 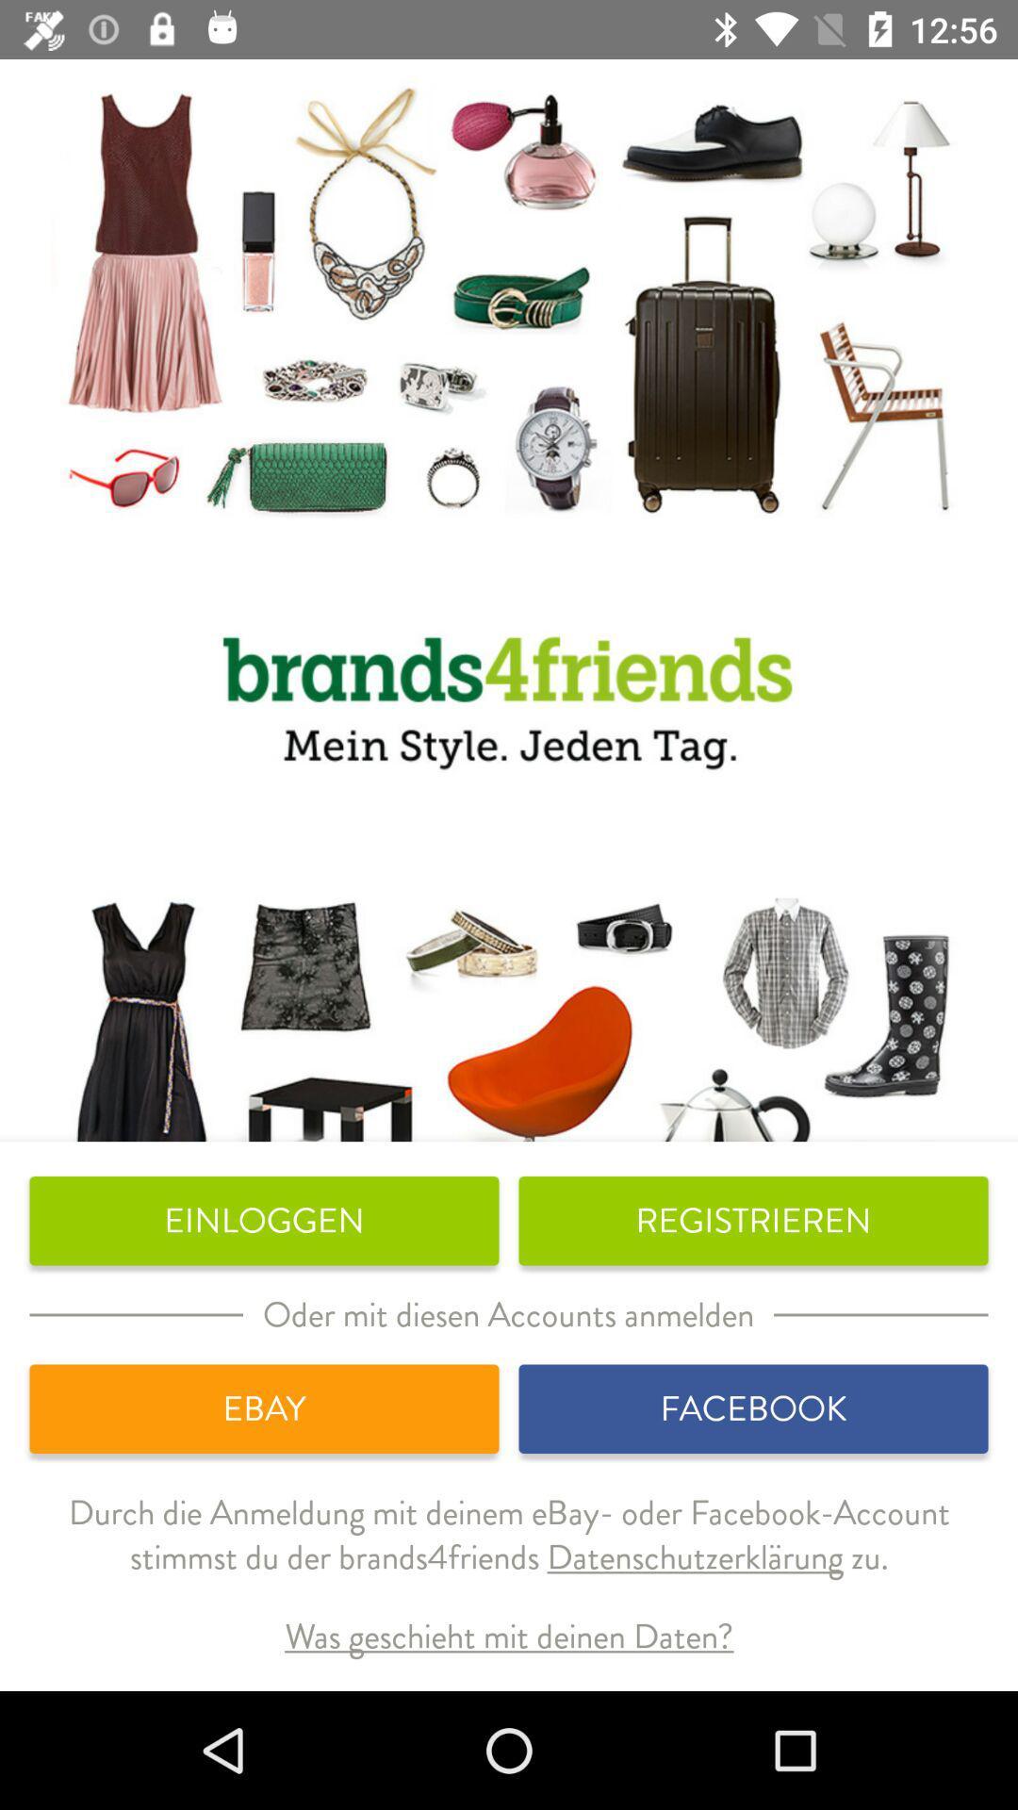 What do you see at coordinates (509, 1636) in the screenshot?
I see `the was geschieht mit` at bounding box center [509, 1636].